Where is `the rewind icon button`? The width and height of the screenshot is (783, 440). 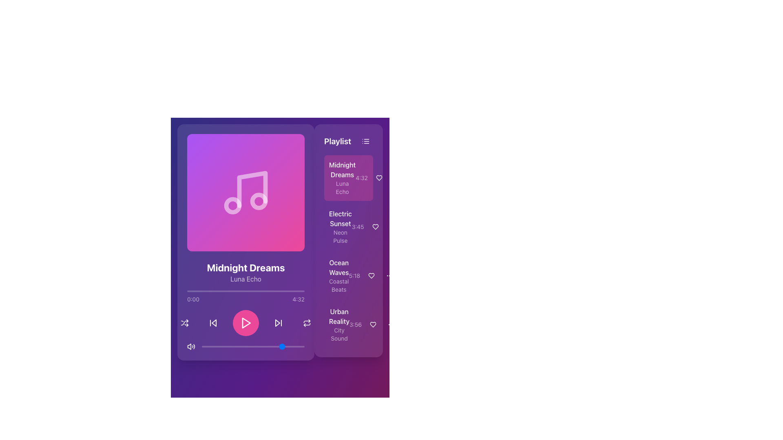 the rewind icon button is located at coordinates (213, 323).